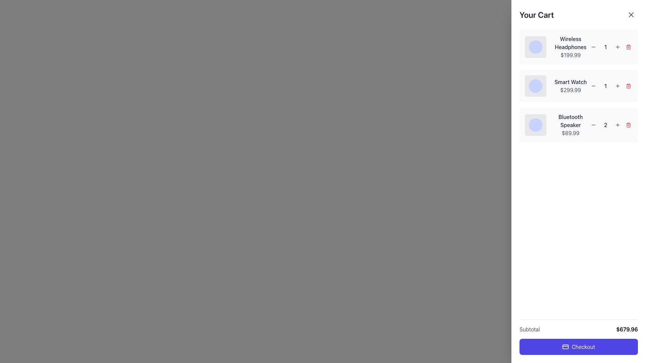 Image resolution: width=646 pixels, height=363 pixels. Describe the element at coordinates (570, 125) in the screenshot. I see `the textual label displaying 'Bluetooth Speaker' and its price '$89.99', which is the last item in the cart's list` at that location.